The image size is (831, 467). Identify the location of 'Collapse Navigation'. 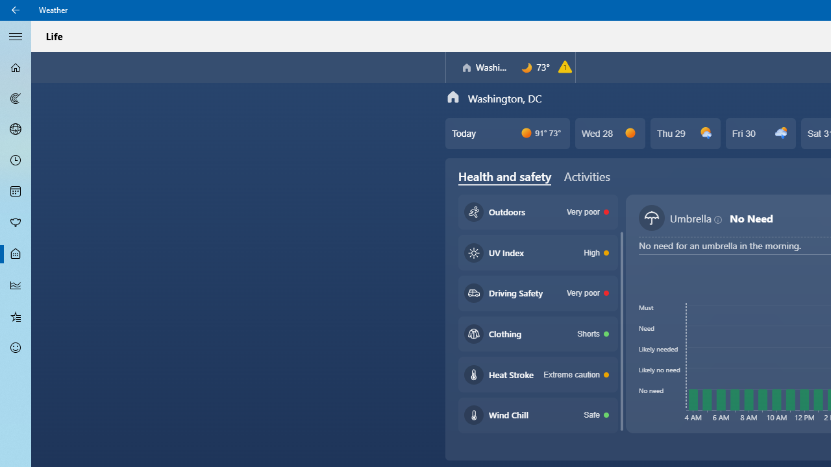
(16, 35).